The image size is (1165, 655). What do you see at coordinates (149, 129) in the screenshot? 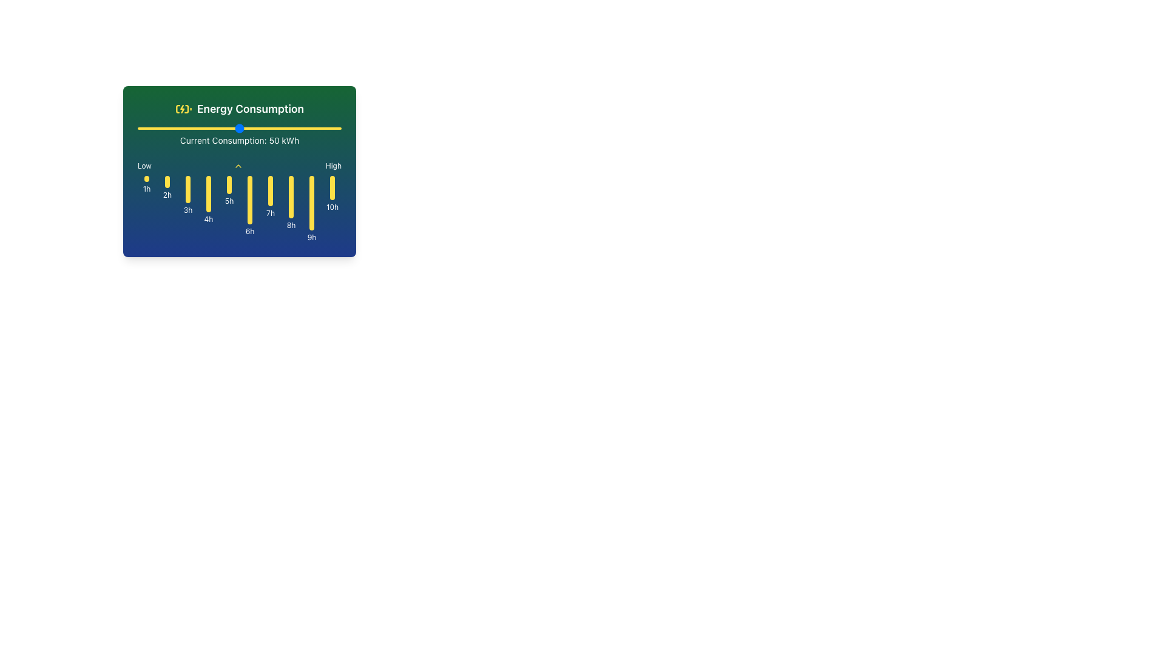
I see `current consumption` at bounding box center [149, 129].